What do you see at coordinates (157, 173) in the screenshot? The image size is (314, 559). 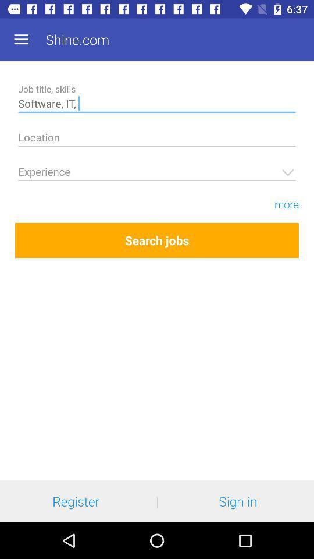 I see `the working year` at bounding box center [157, 173].